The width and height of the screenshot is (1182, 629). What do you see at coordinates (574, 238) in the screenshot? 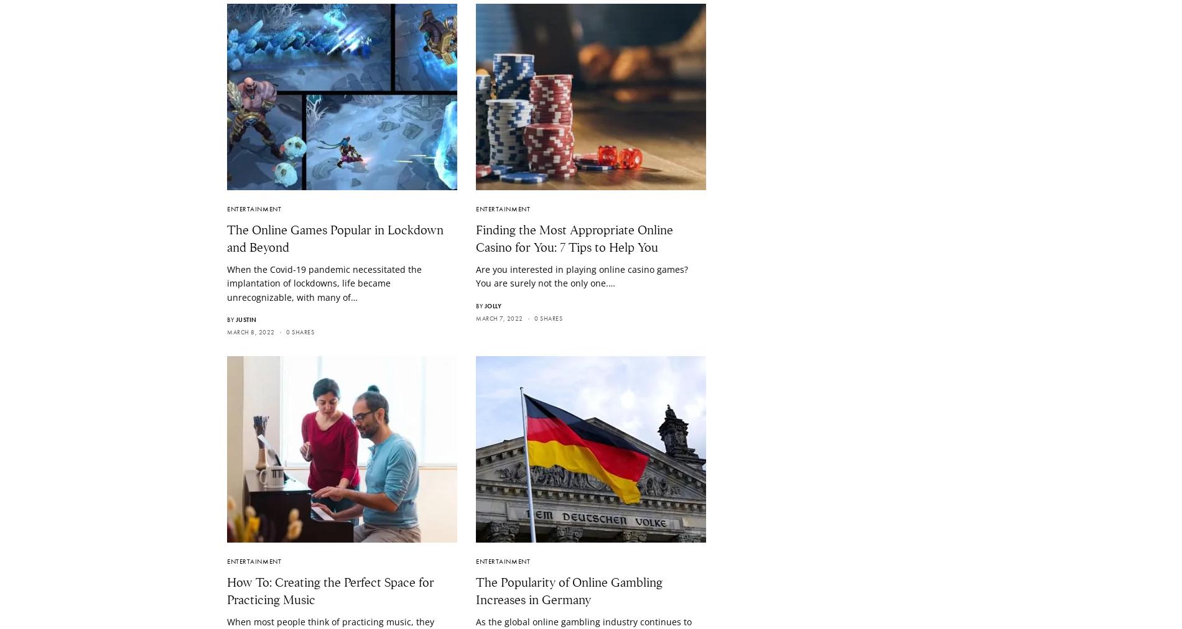
I see `'Finding the Most Appropriate Online Casino for You: 7 Tips to Help You'` at bounding box center [574, 238].